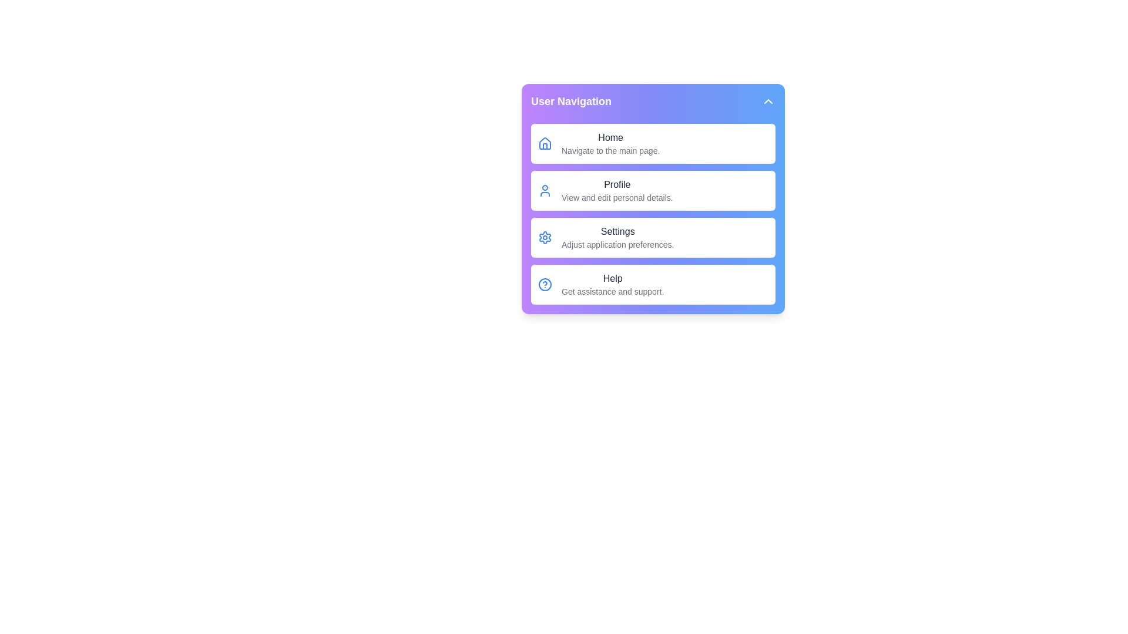 This screenshot has height=634, width=1128. Describe the element at coordinates (653, 238) in the screenshot. I see `the menu item Settings from the dropdown menu` at that location.